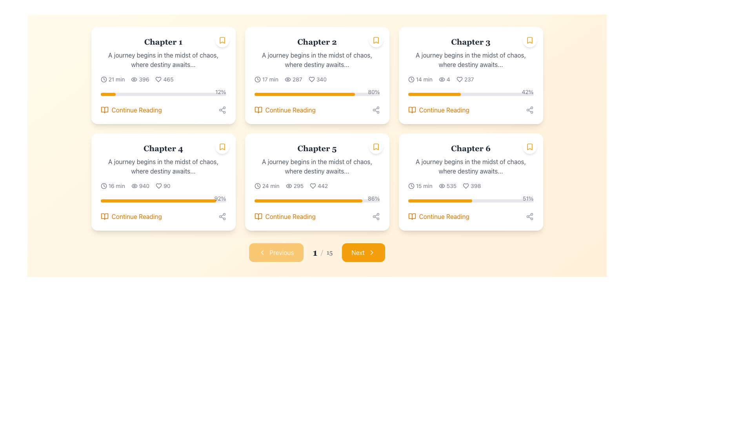 This screenshot has width=753, height=423. I want to click on the informational text element that displays the estimated reading time for 'Chapter 6', located in the sixth card of the grid under the chapter title, so click(420, 186).